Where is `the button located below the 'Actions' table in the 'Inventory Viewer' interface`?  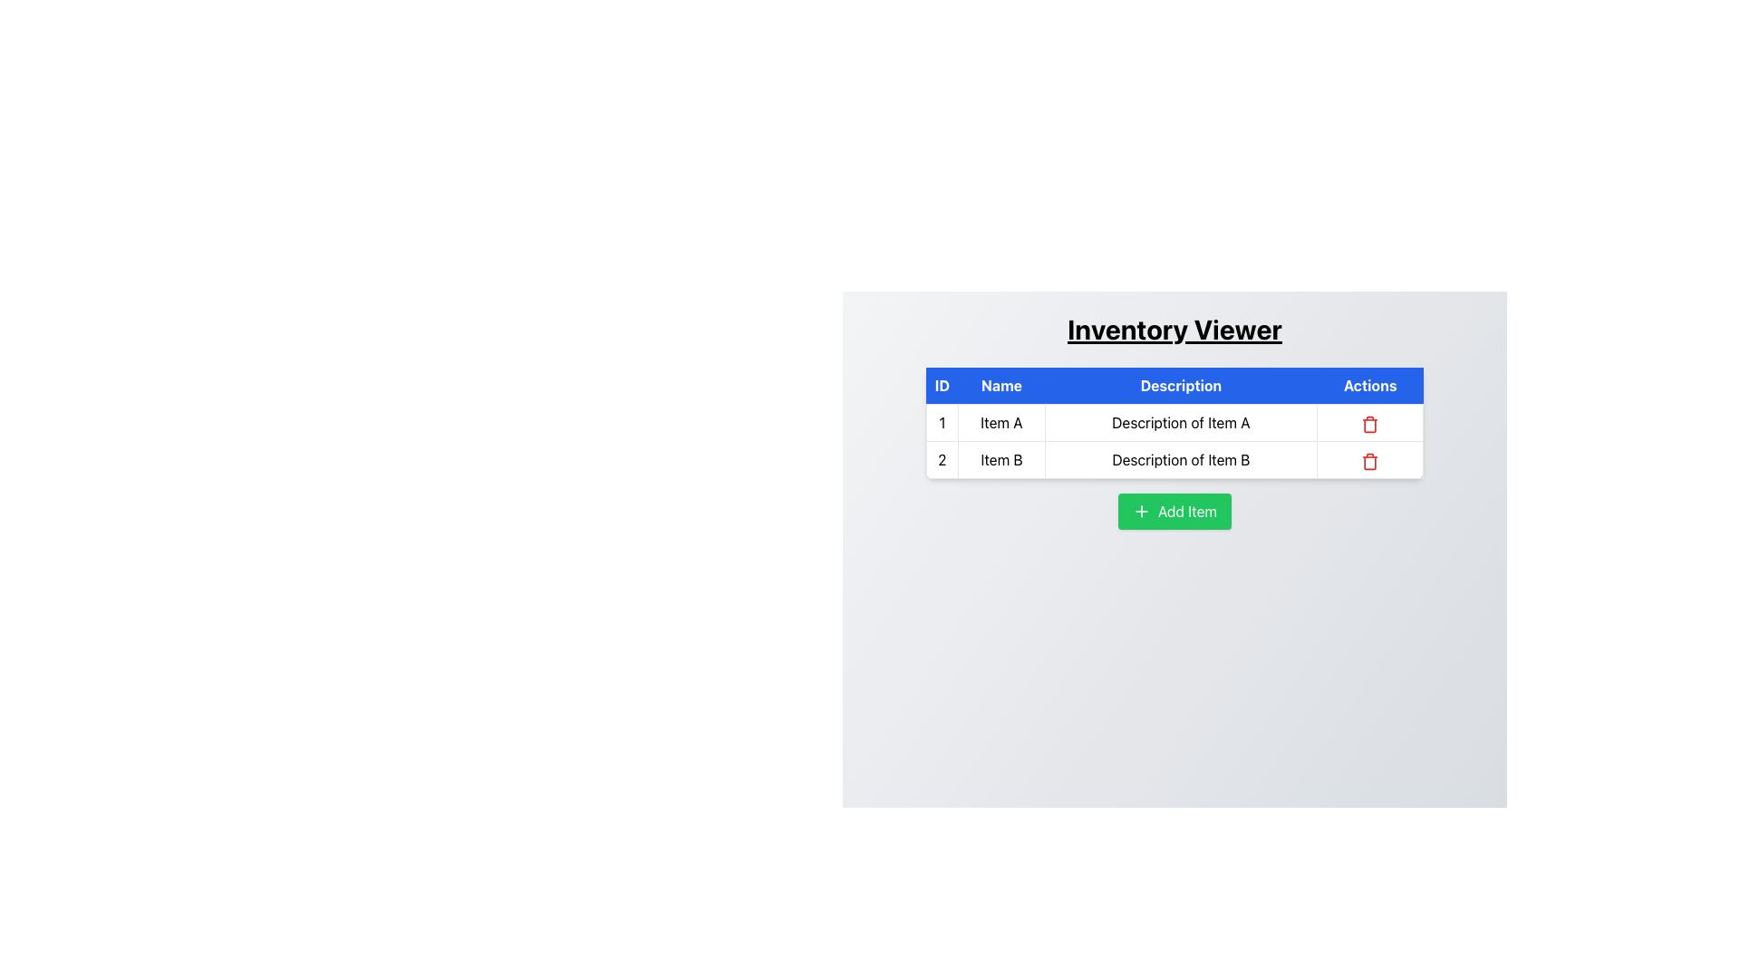 the button located below the 'Actions' table in the 'Inventory Viewer' interface is located at coordinates (1174, 511).